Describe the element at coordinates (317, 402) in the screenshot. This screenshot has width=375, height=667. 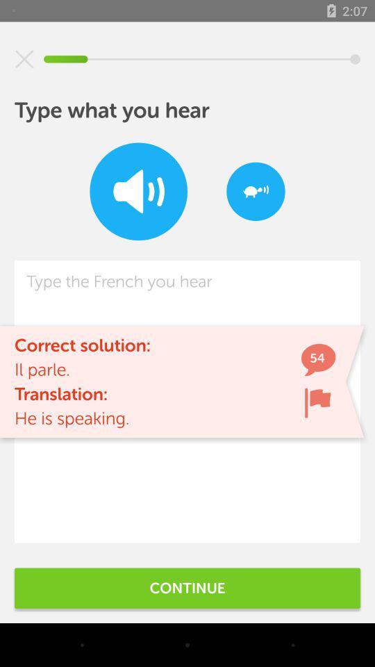
I see `the icon to the right of the he is speaking. icon` at that location.